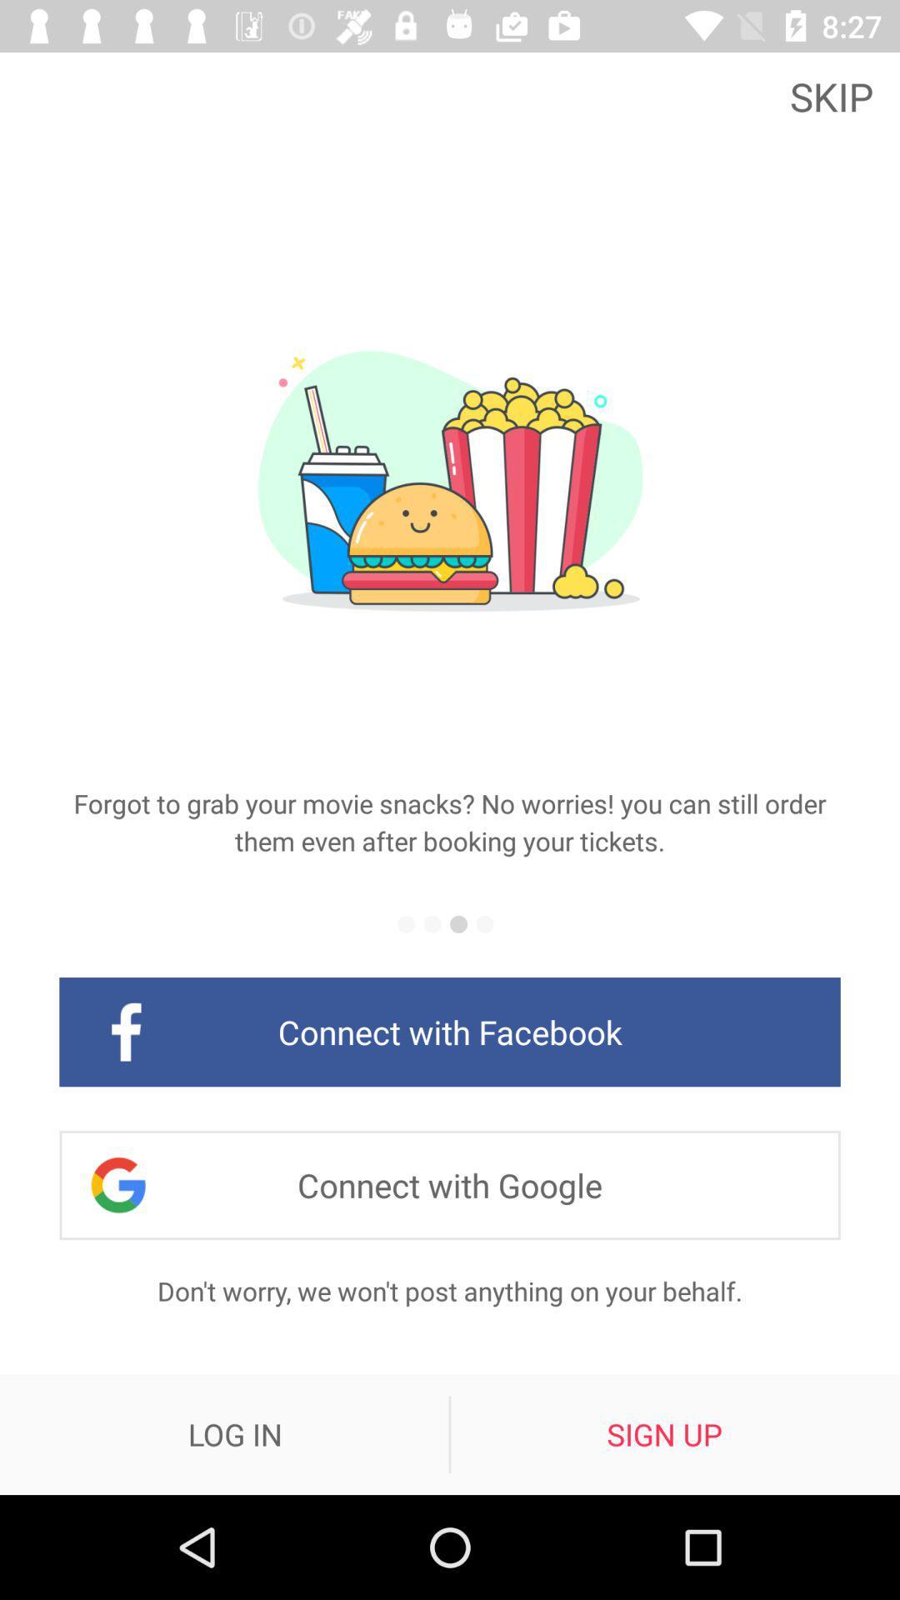 The width and height of the screenshot is (900, 1600). Describe the element at coordinates (663, 1433) in the screenshot. I see `item below don t worry` at that location.